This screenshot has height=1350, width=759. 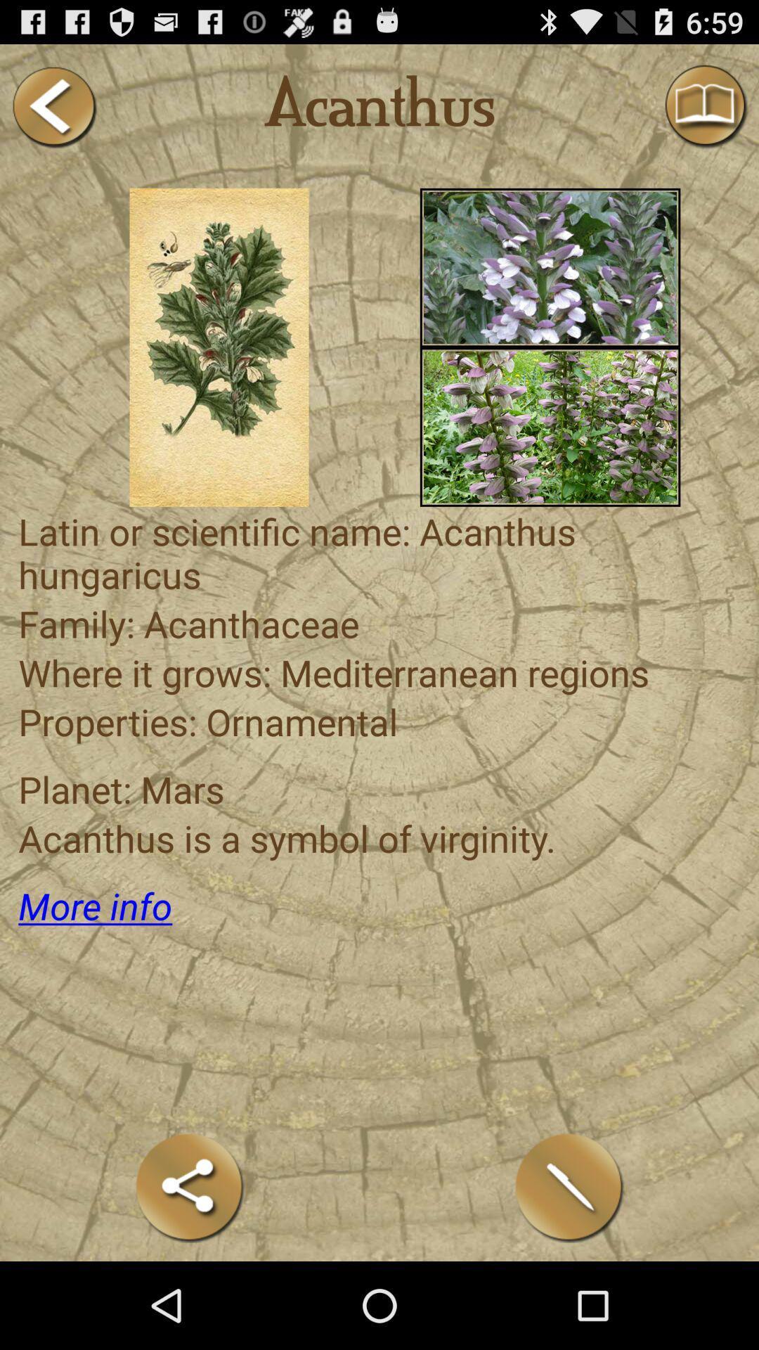 I want to click on more than 70 plants cataloged in alphabetical order you can see for your rituals, so click(x=550, y=426).